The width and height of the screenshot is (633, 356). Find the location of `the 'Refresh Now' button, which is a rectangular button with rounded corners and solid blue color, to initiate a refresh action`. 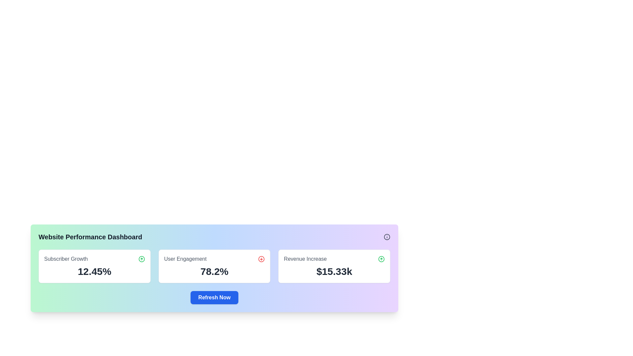

the 'Refresh Now' button, which is a rectangular button with rounded corners and solid blue color, to initiate a refresh action is located at coordinates (214, 297).